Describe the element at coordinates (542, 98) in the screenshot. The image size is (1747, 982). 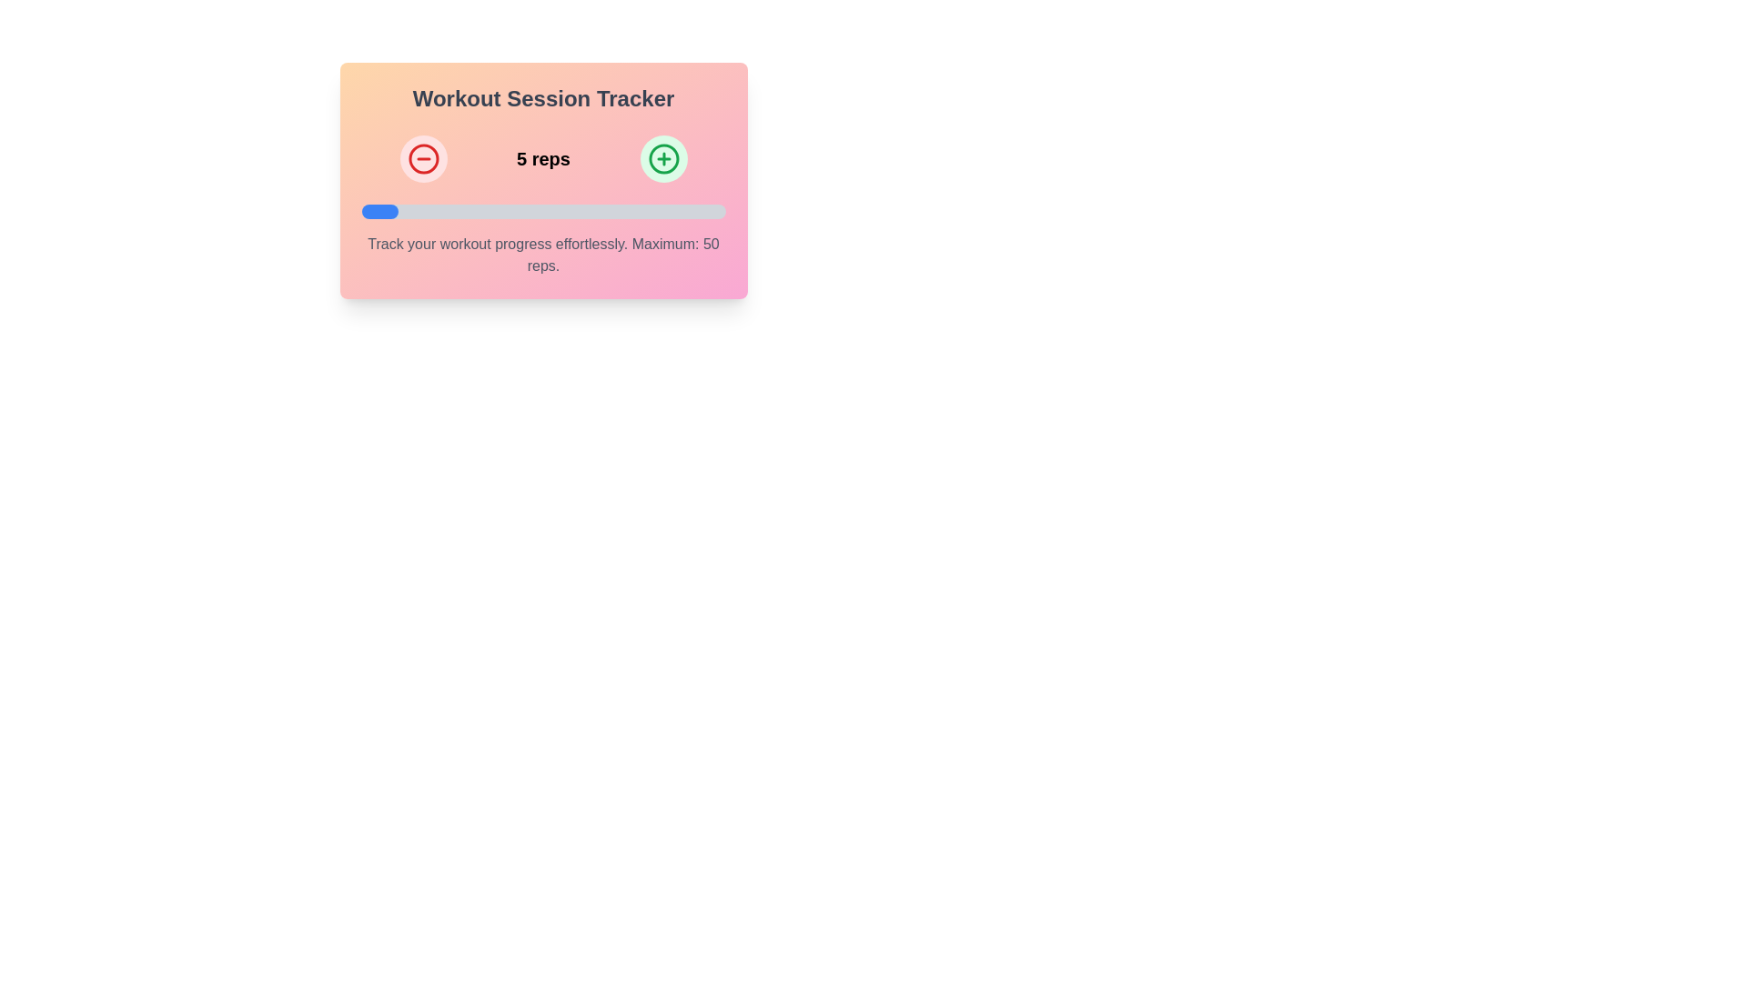
I see `centered header text displaying 'Workout Session Tracker' in bold, large font with dark gray color` at that location.